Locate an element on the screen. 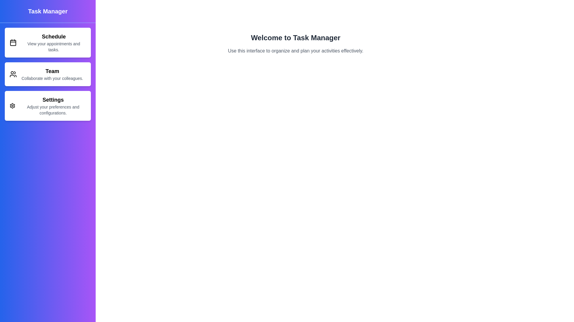 The image size is (574, 322). the Task Manager header to explore its elements is located at coordinates (47, 11).